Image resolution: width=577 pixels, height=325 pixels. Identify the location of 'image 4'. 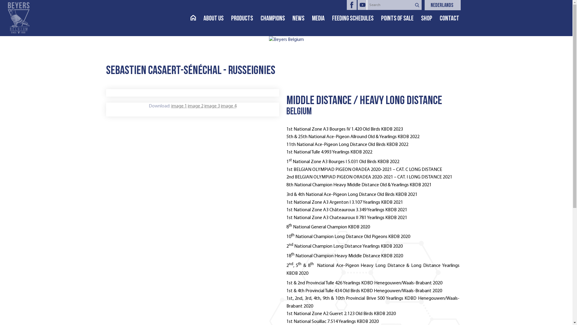
(228, 106).